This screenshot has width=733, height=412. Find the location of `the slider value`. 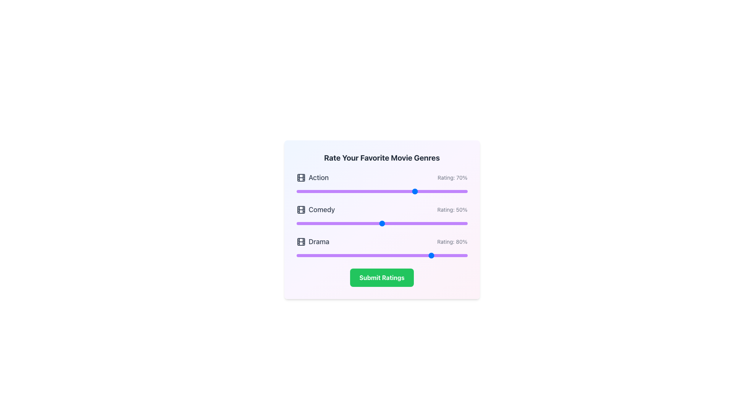

the slider value is located at coordinates (380, 256).